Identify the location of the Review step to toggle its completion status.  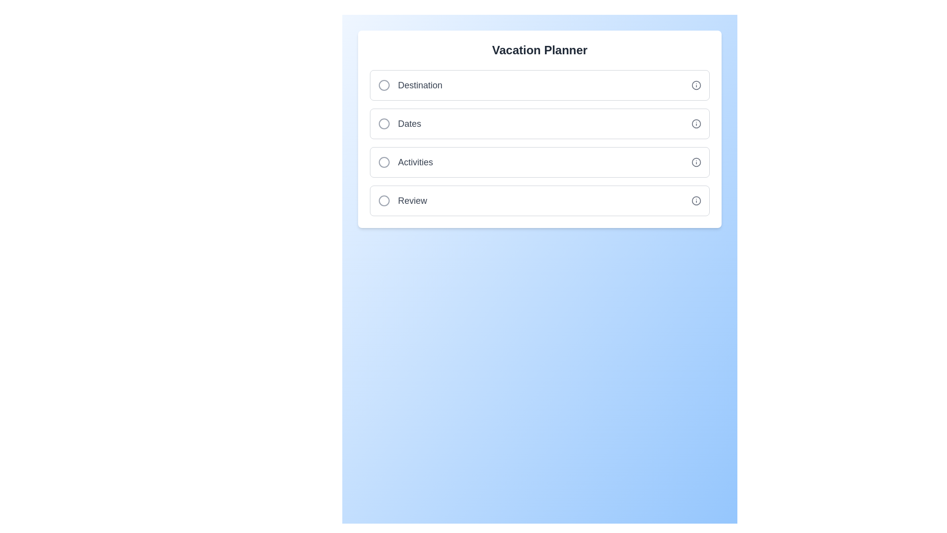
(539, 200).